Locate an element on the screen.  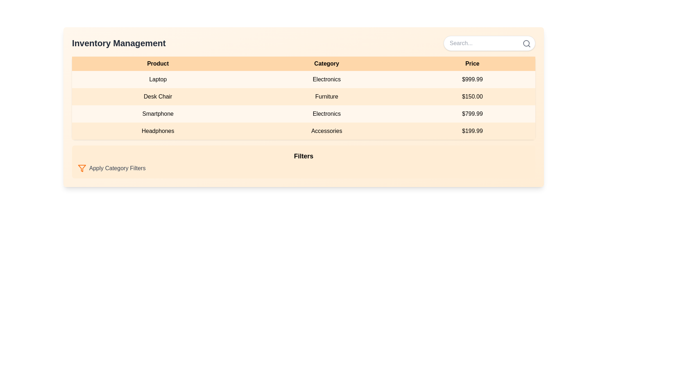
the price display text field in the second row of the table, which shows the price of the 'Desk Chair' product in the third column labeled 'Price' is located at coordinates (472, 97).